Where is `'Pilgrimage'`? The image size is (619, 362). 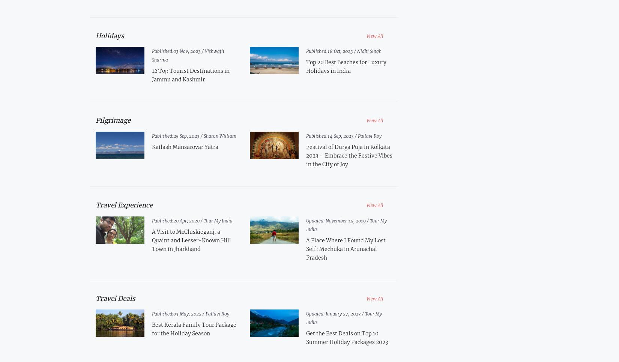
'Pilgrimage' is located at coordinates (113, 120).